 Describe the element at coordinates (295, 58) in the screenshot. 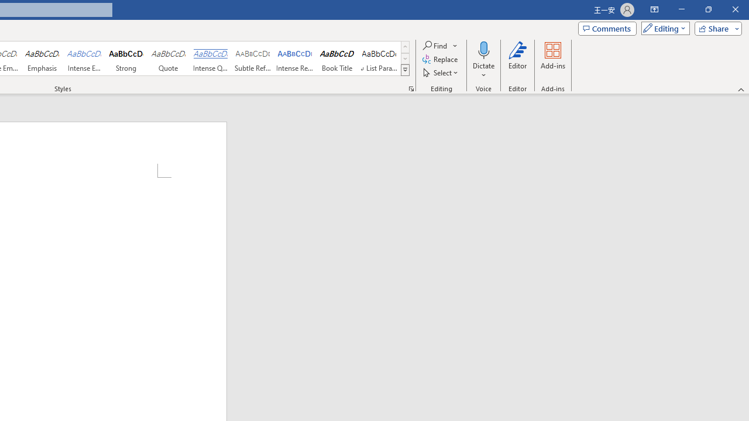

I see `'Intense Reference'` at that location.